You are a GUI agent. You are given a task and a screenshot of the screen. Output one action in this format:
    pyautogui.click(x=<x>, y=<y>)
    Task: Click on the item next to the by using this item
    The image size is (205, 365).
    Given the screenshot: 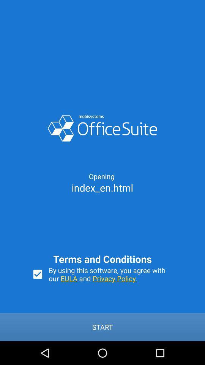 What is the action you would take?
    pyautogui.click(x=37, y=274)
    